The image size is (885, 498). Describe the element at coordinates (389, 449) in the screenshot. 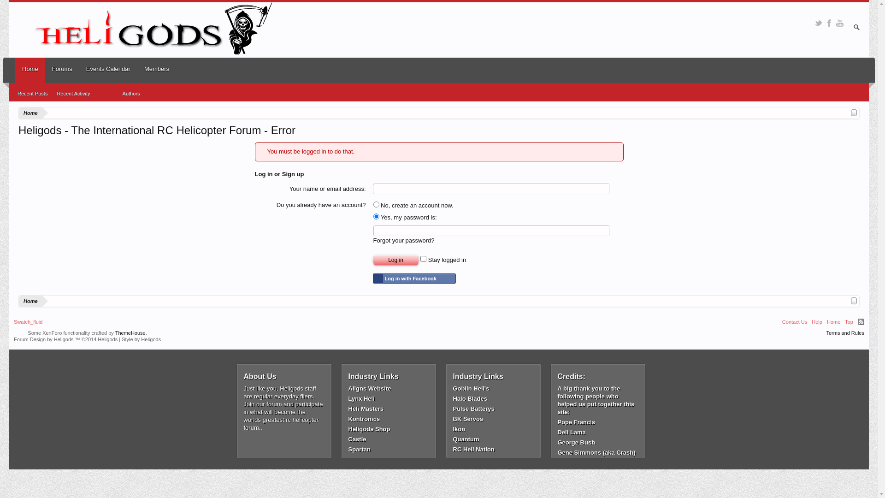

I see `'Spartan'` at that location.